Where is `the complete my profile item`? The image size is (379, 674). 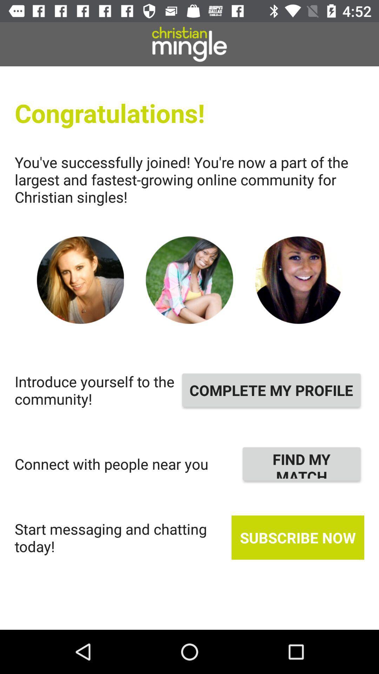 the complete my profile item is located at coordinates (271, 390).